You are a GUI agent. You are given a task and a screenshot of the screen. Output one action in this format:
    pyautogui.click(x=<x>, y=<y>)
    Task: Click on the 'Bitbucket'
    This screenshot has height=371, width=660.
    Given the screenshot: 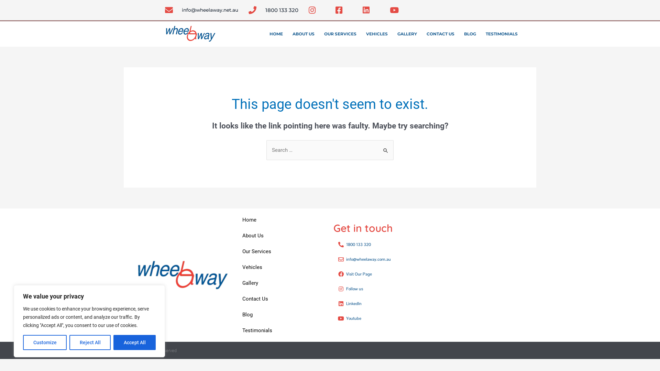 What is the action you would take?
    pyautogui.click(x=512, y=8)
    